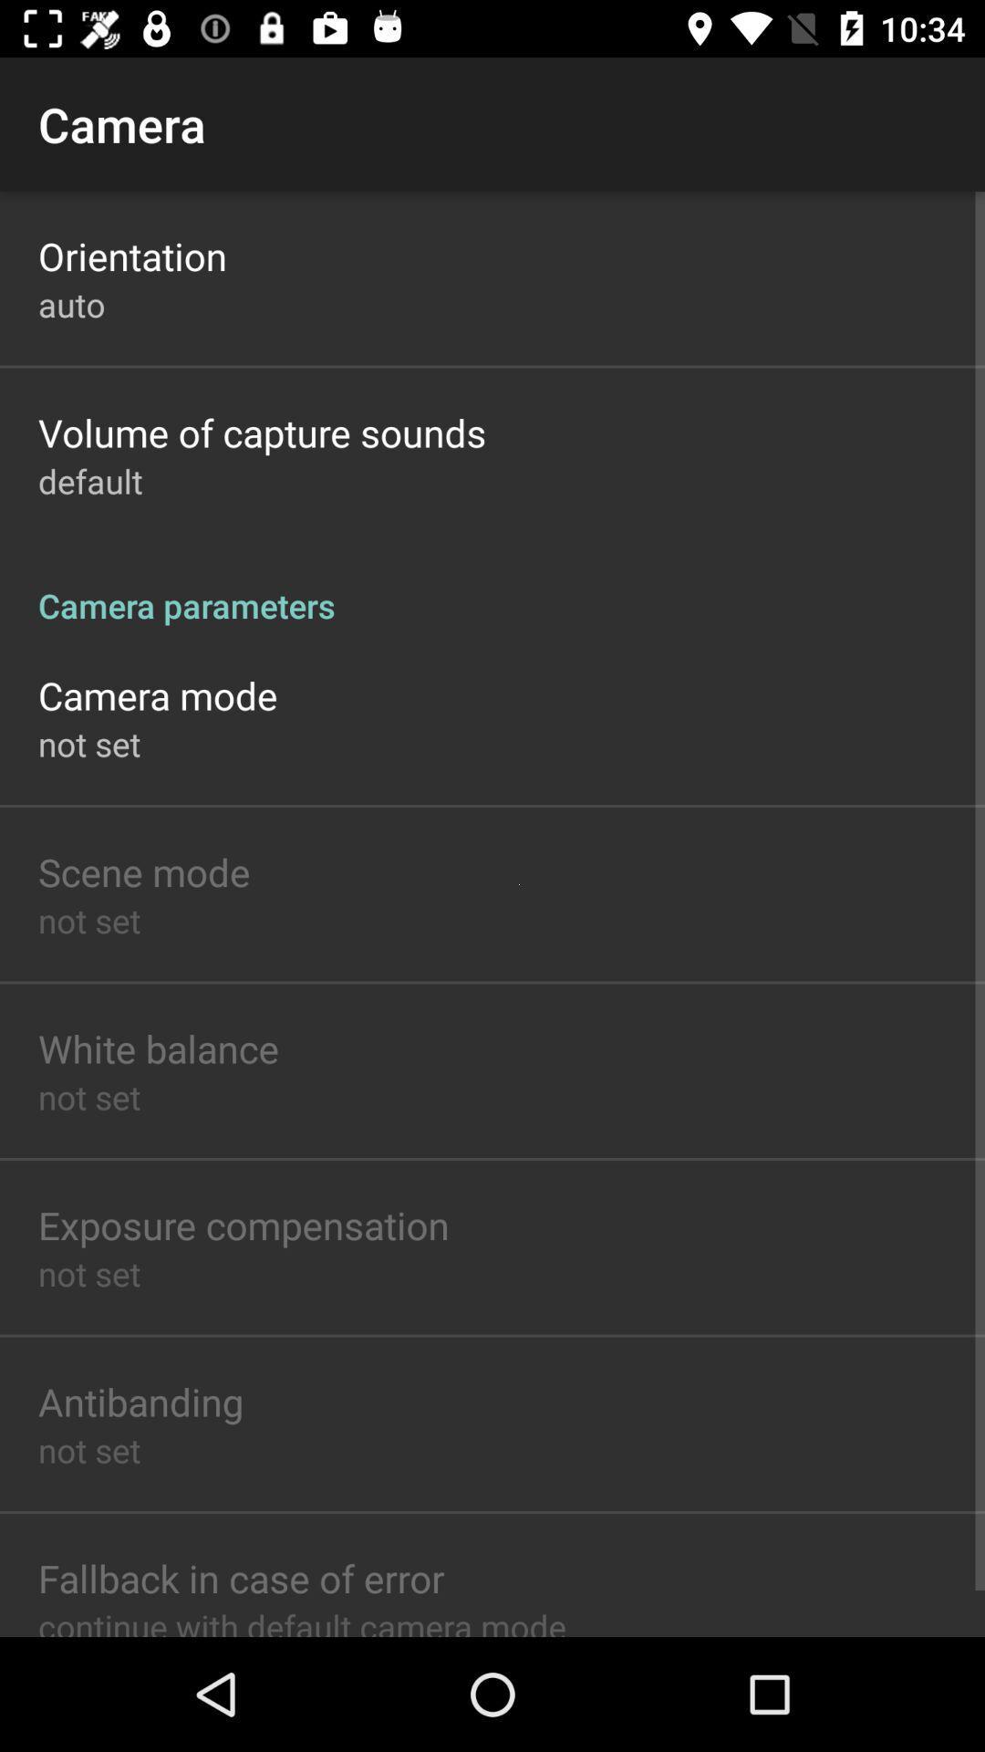 The height and width of the screenshot is (1752, 985). I want to click on the scene mode, so click(143, 871).